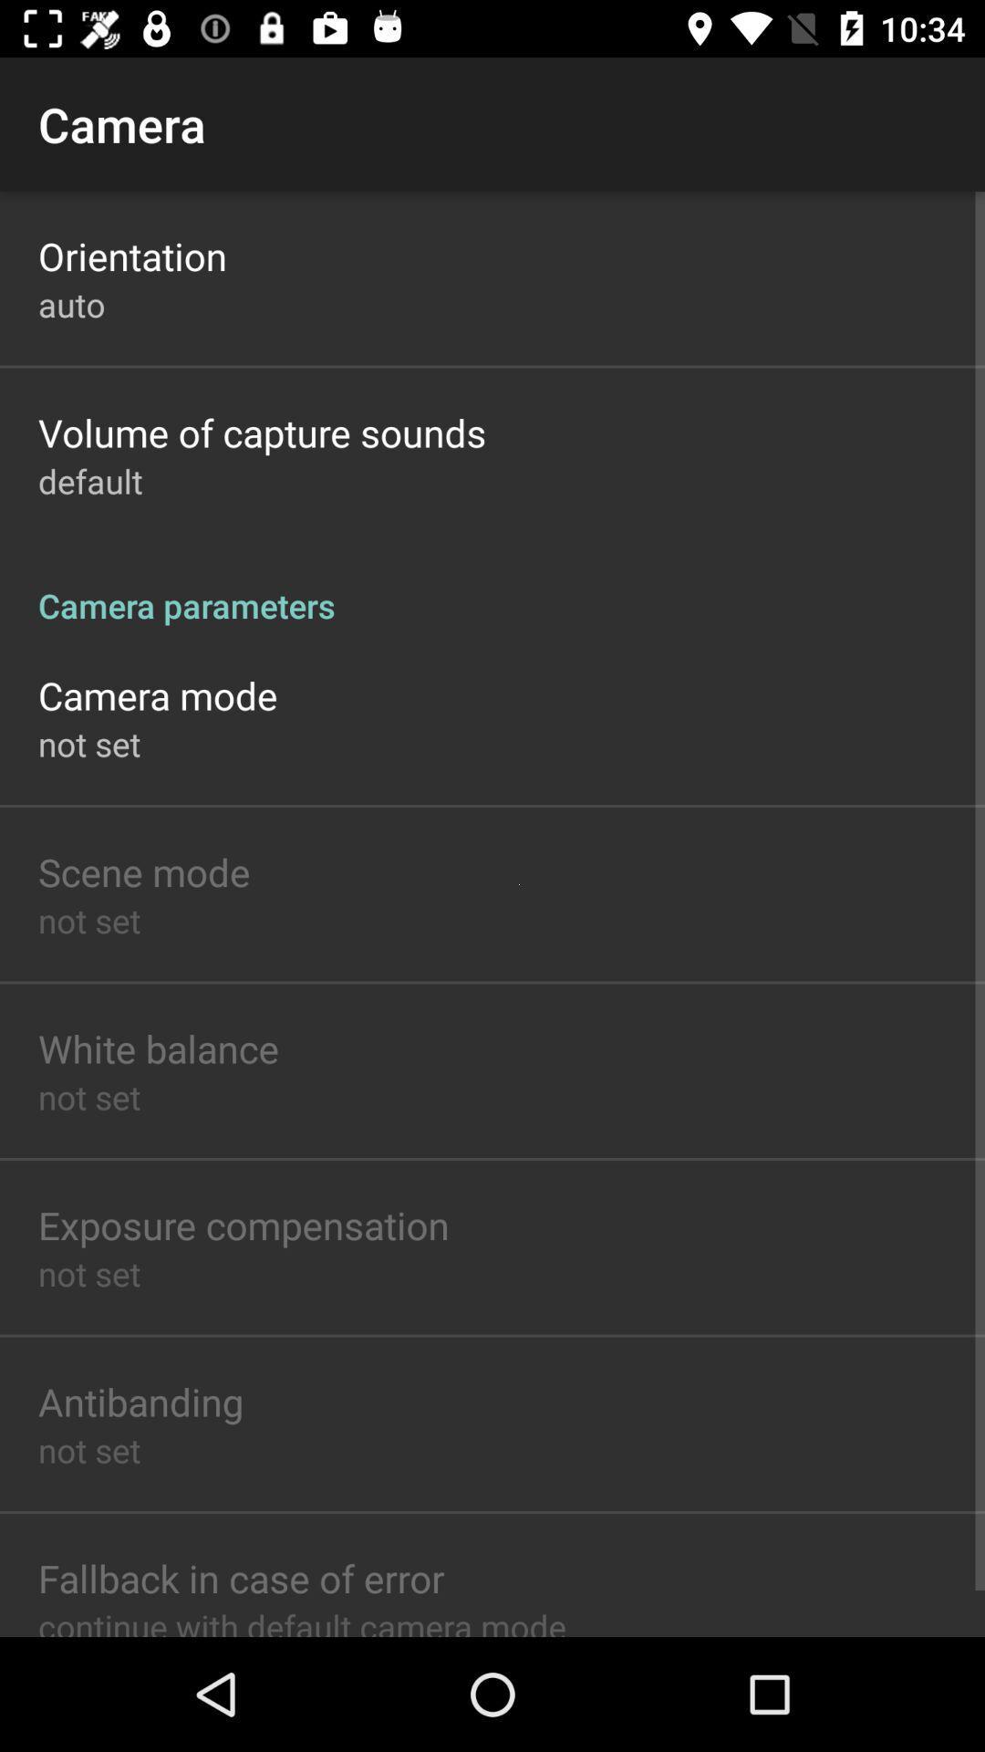 The height and width of the screenshot is (1752, 985). I want to click on the scene mode, so click(143, 871).